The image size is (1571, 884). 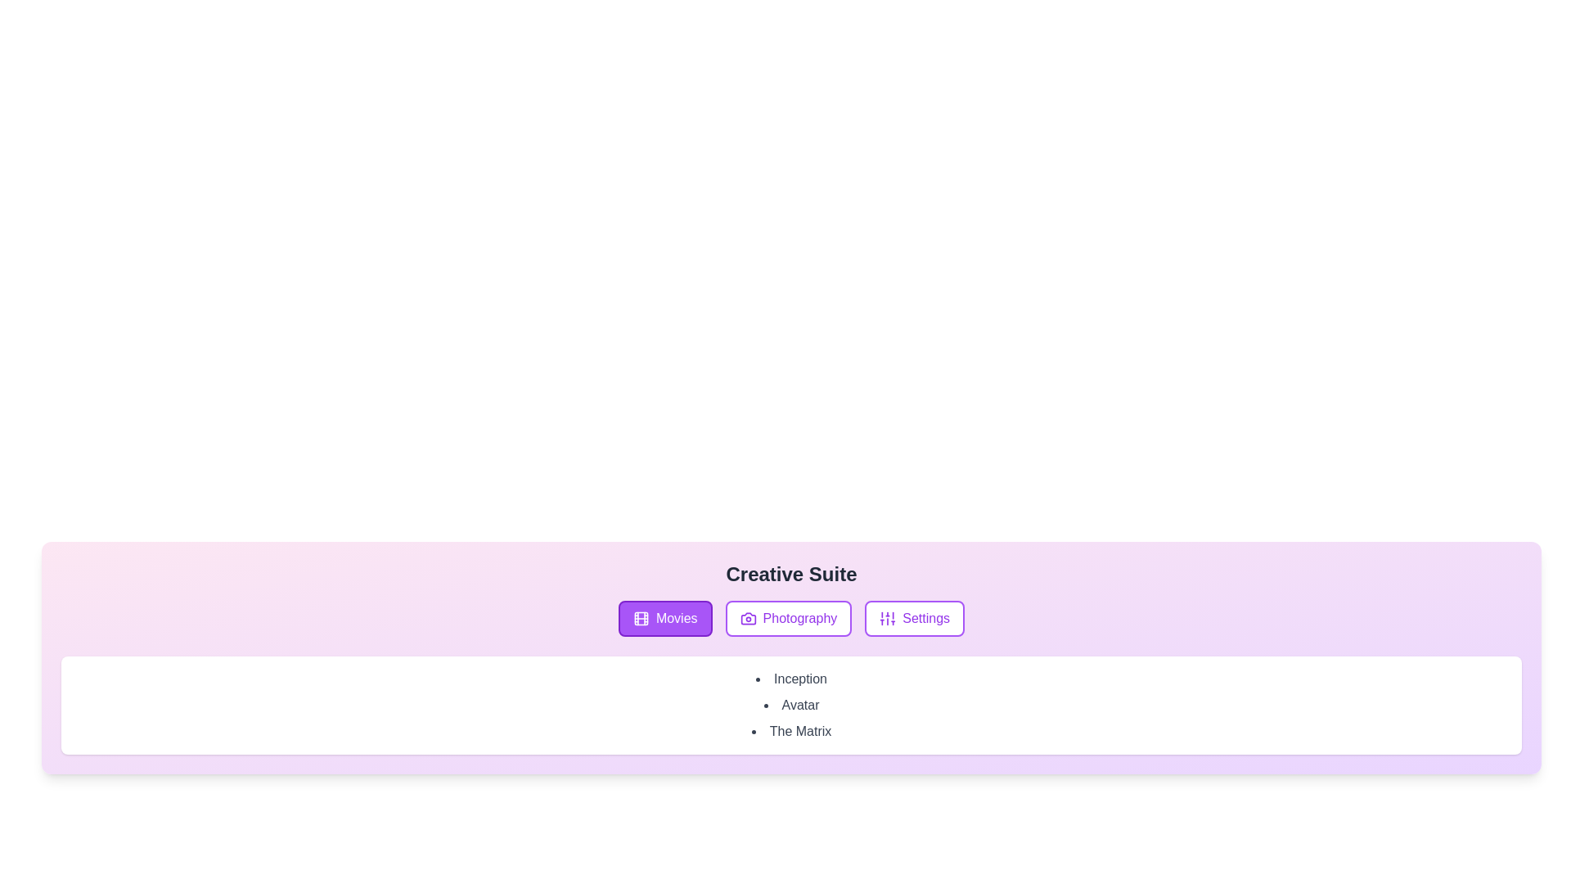 What do you see at coordinates (640, 619) in the screenshot?
I see `the decorative graphical element at the center of the 'Movies' button, which is a small rectangular shape with rounded corners` at bounding box center [640, 619].